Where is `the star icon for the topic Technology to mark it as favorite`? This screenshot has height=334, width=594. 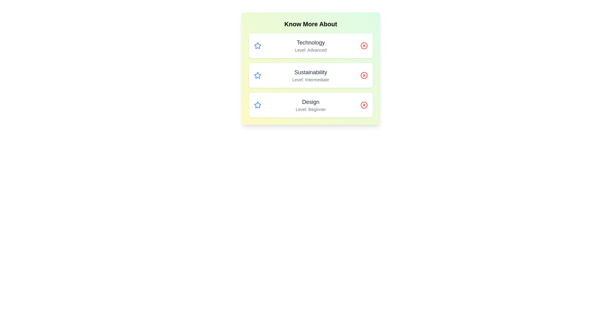
the star icon for the topic Technology to mark it as favorite is located at coordinates (257, 45).